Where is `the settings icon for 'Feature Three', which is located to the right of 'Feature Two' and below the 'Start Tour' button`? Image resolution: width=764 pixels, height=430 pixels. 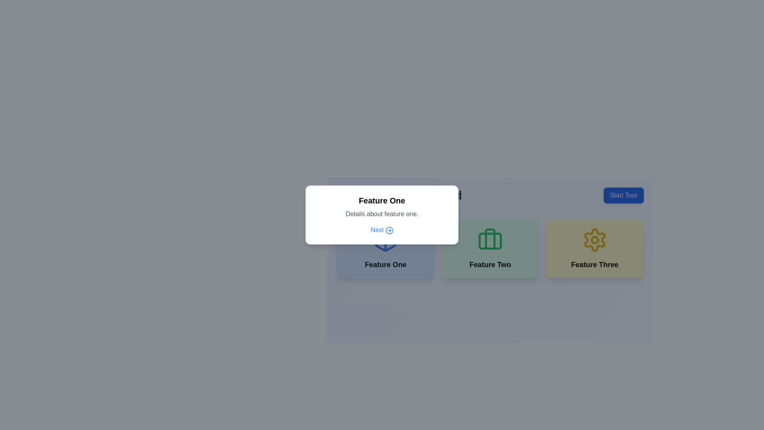 the settings icon for 'Feature Three', which is located to the right of 'Feature Two' and below the 'Start Tour' button is located at coordinates (594, 239).